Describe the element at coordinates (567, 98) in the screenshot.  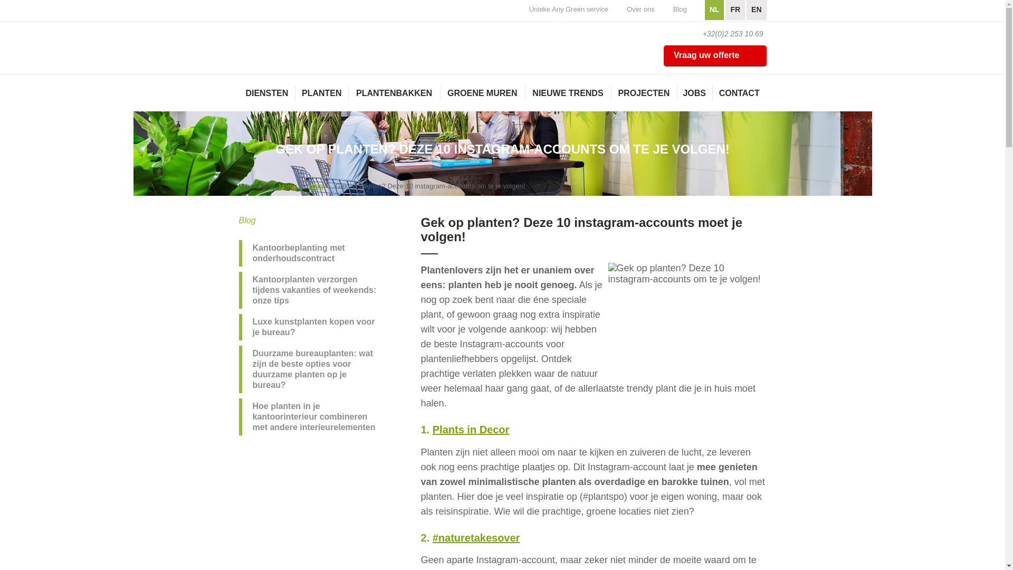
I see `'NIEUWE TRENDS'` at that location.